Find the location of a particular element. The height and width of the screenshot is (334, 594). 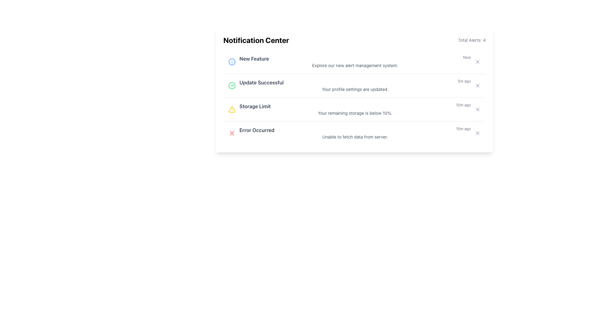

the warning indicator icon for storage limits, which is located in the left part of the third row within a list of notifications, aligned with the 'Storage Limit' text is located at coordinates (231, 109).